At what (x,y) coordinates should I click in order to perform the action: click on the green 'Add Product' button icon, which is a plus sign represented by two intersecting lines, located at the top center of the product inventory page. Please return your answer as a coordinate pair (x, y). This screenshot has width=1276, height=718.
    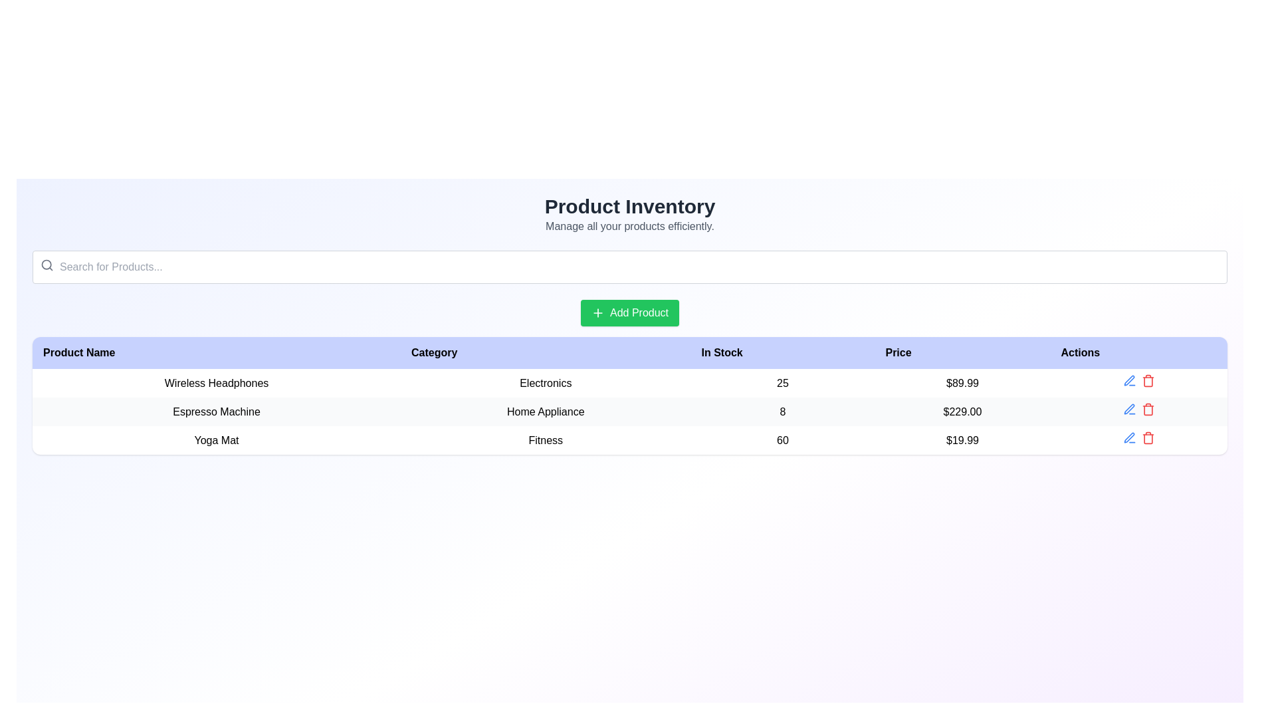
    Looking at the image, I should click on (597, 312).